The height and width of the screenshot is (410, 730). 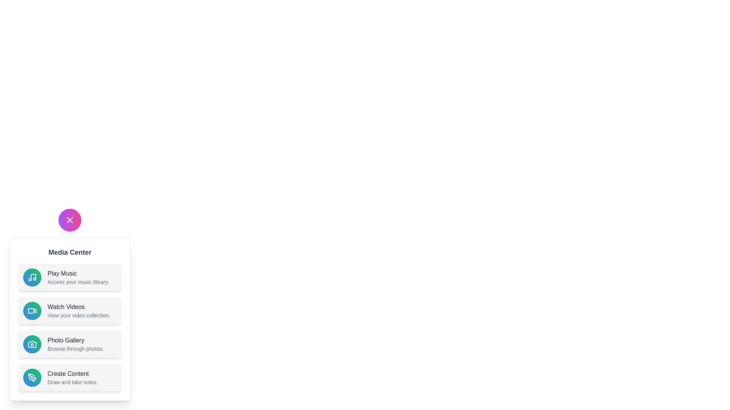 I want to click on the 'Watch Videos' button to view the video collection, so click(x=70, y=311).